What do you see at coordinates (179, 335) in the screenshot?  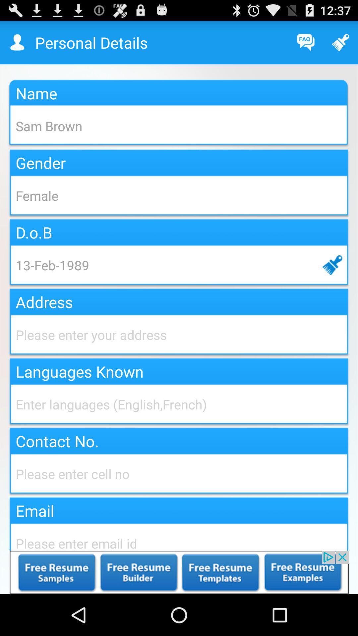 I see `your address` at bounding box center [179, 335].